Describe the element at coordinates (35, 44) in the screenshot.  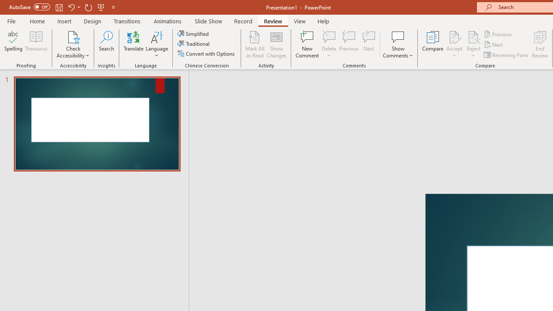
I see `'Thesaurus...'` at that location.